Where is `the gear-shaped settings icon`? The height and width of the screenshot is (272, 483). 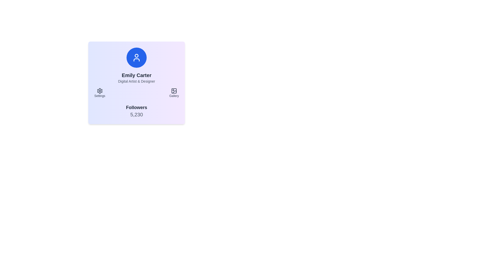 the gear-shaped settings icon is located at coordinates (100, 91).